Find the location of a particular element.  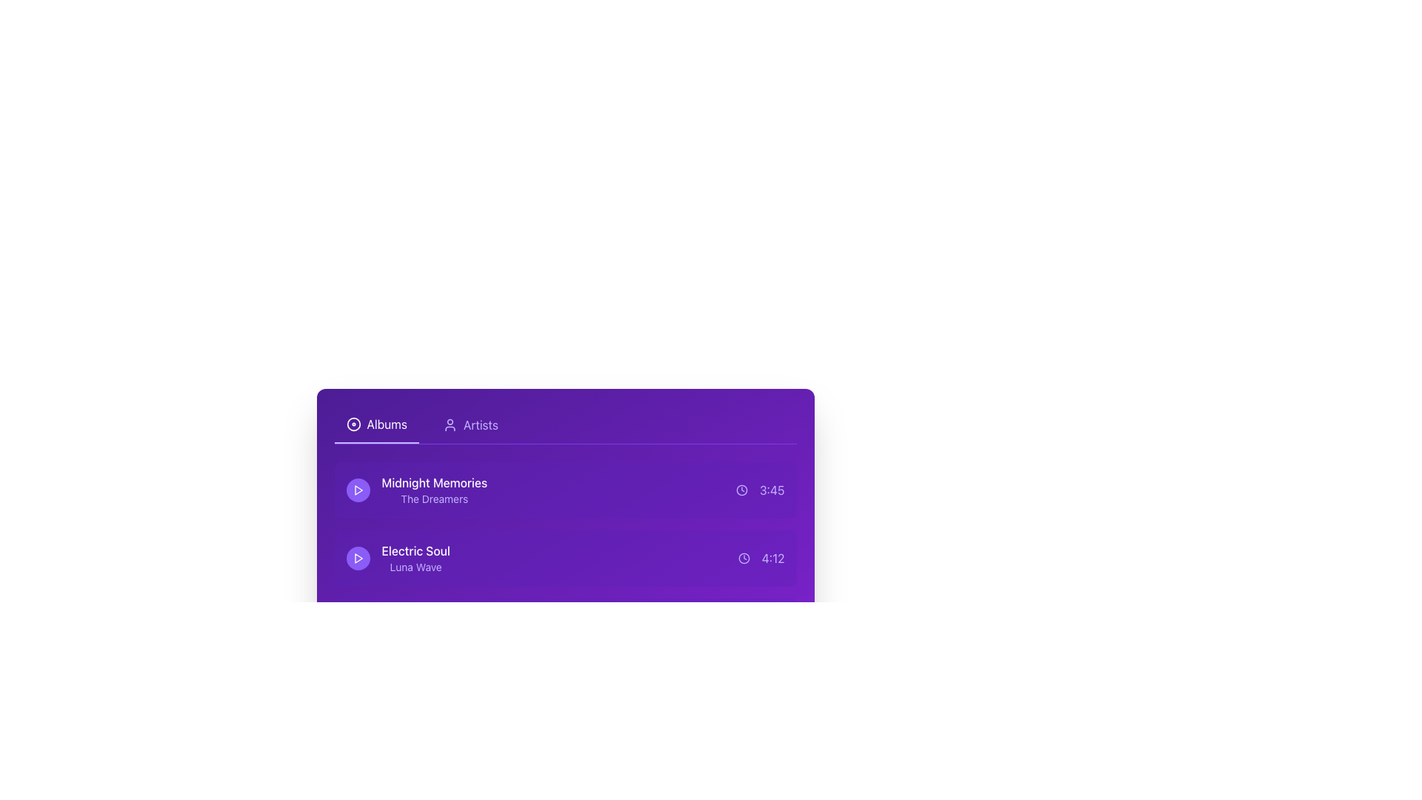

the text label indicating the duration of the music track associated with the second entry in the list under the 'Albums' section to understand the track duration is located at coordinates (772, 558).